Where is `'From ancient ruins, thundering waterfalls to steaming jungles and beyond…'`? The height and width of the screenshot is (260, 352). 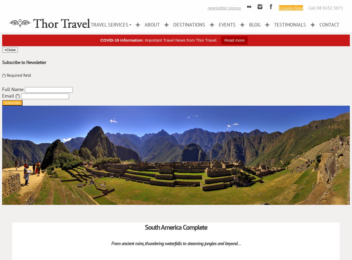
'From ancient ruins, thundering waterfalls to steaming jungles and beyond…' is located at coordinates (176, 243).